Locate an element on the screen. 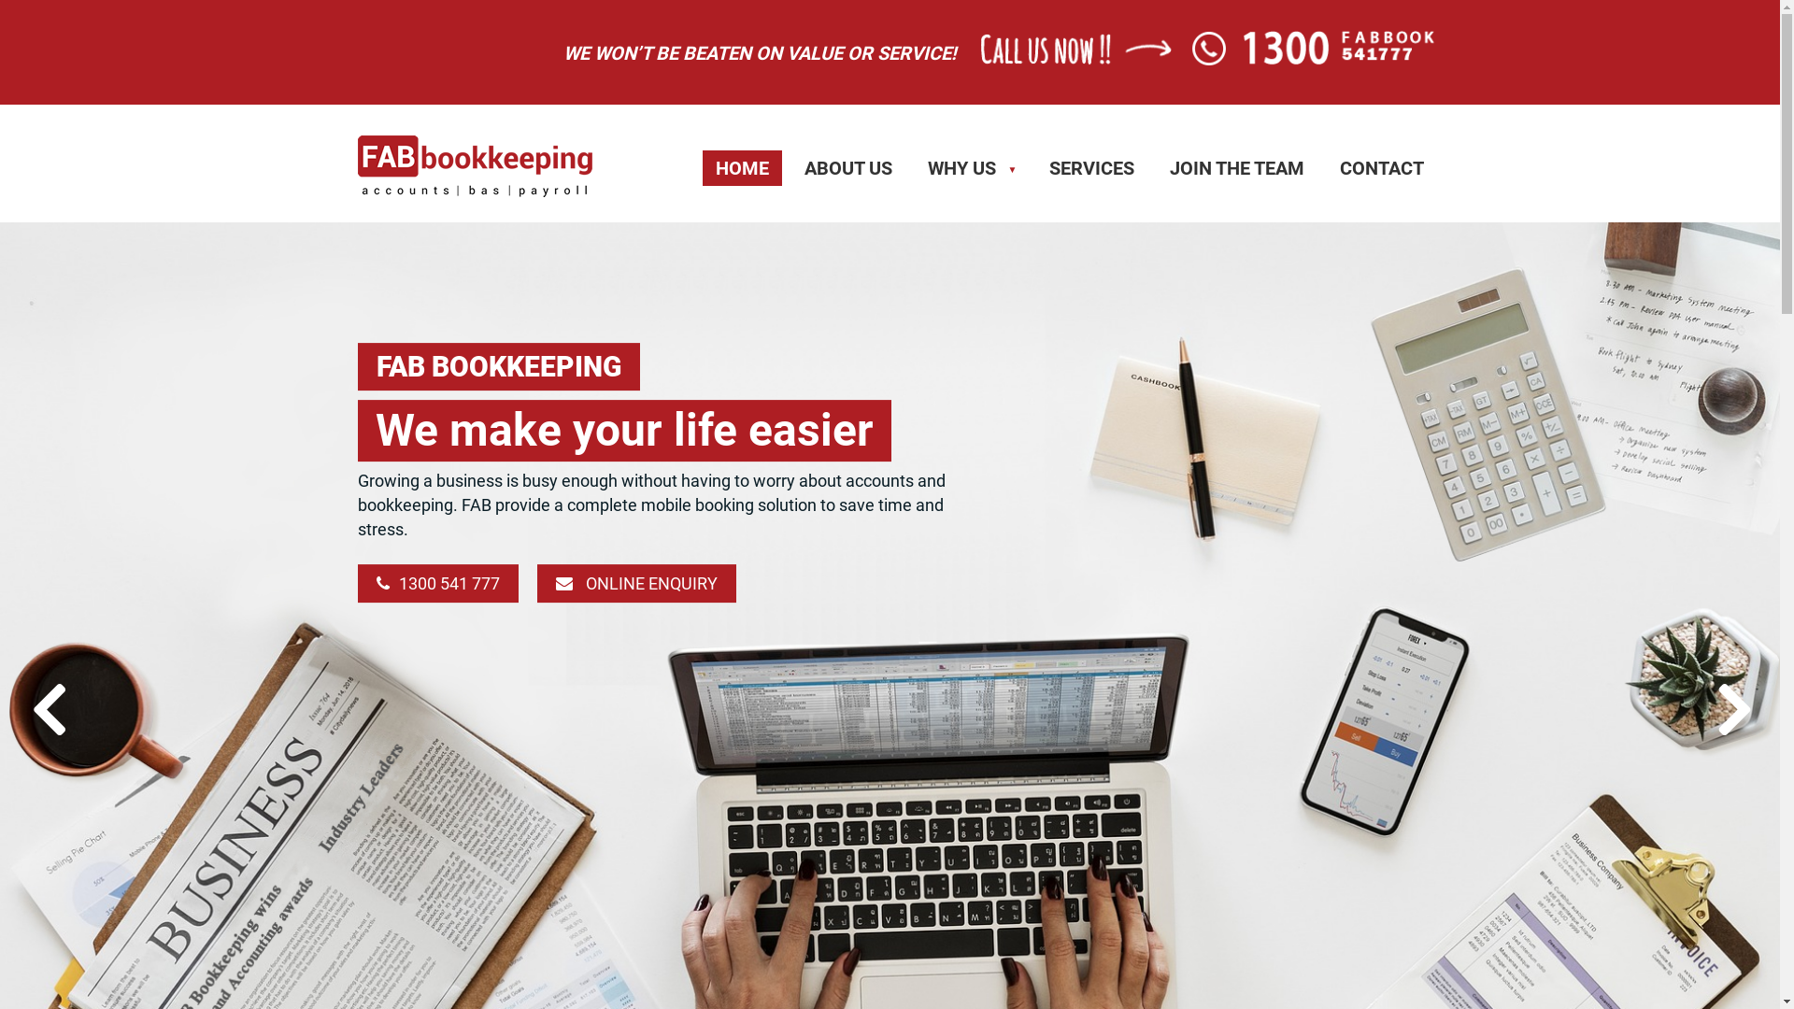  'SERVICES' is located at coordinates (1090, 168).